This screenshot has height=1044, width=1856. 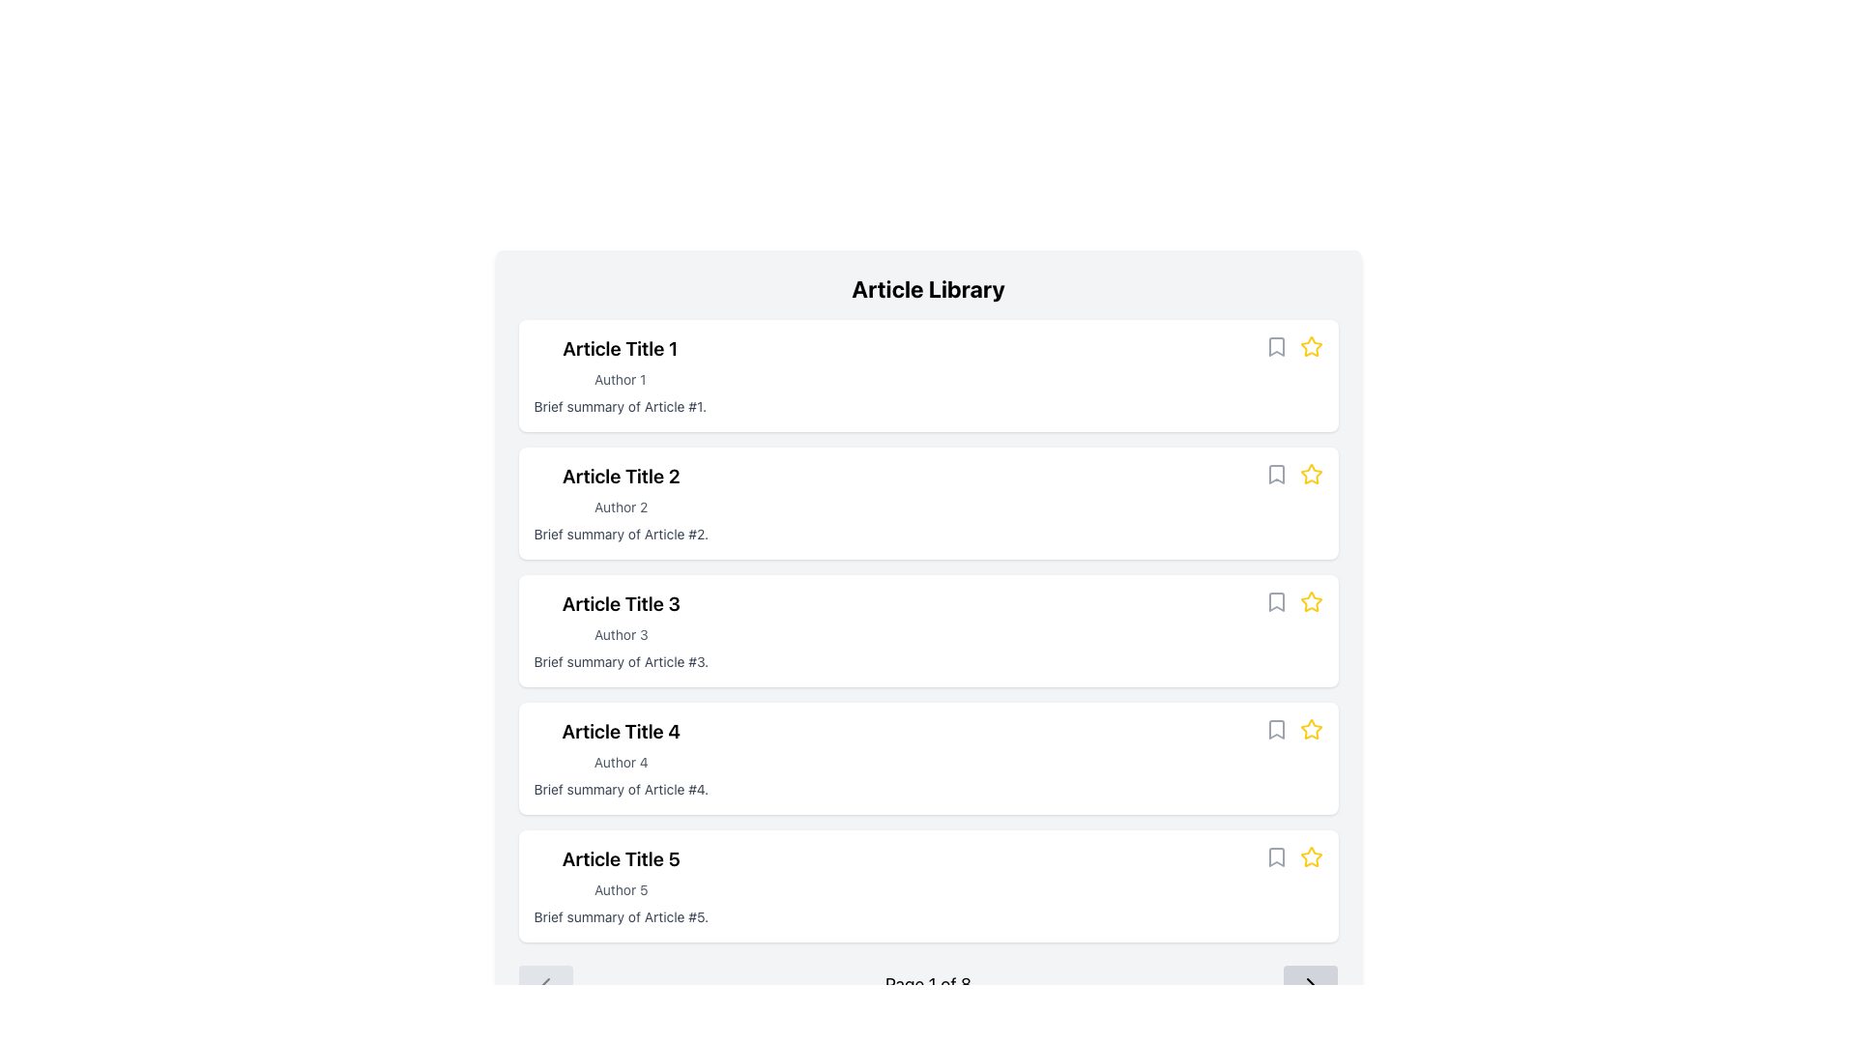 What do you see at coordinates (620, 405) in the screenshot?
I see `text snippet 'Brief summary of Article #1.' located as the third line in the article card layout, below 'Article Title 1' and 'Author 1'` at bounding box center [620, 405].